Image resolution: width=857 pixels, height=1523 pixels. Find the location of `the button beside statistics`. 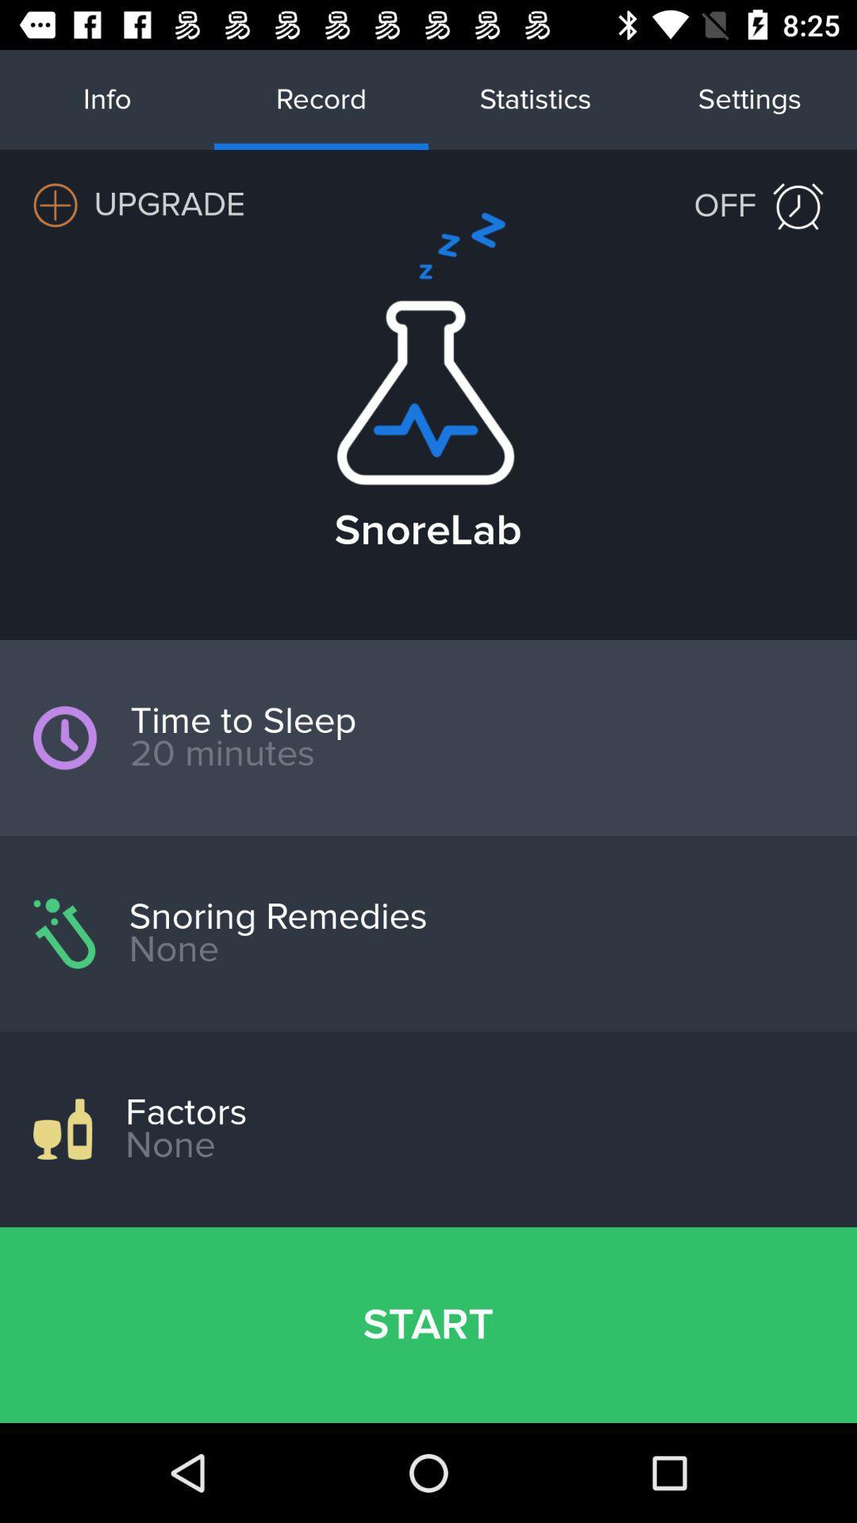

the button beside statistics is located at coordinates (750, 98).